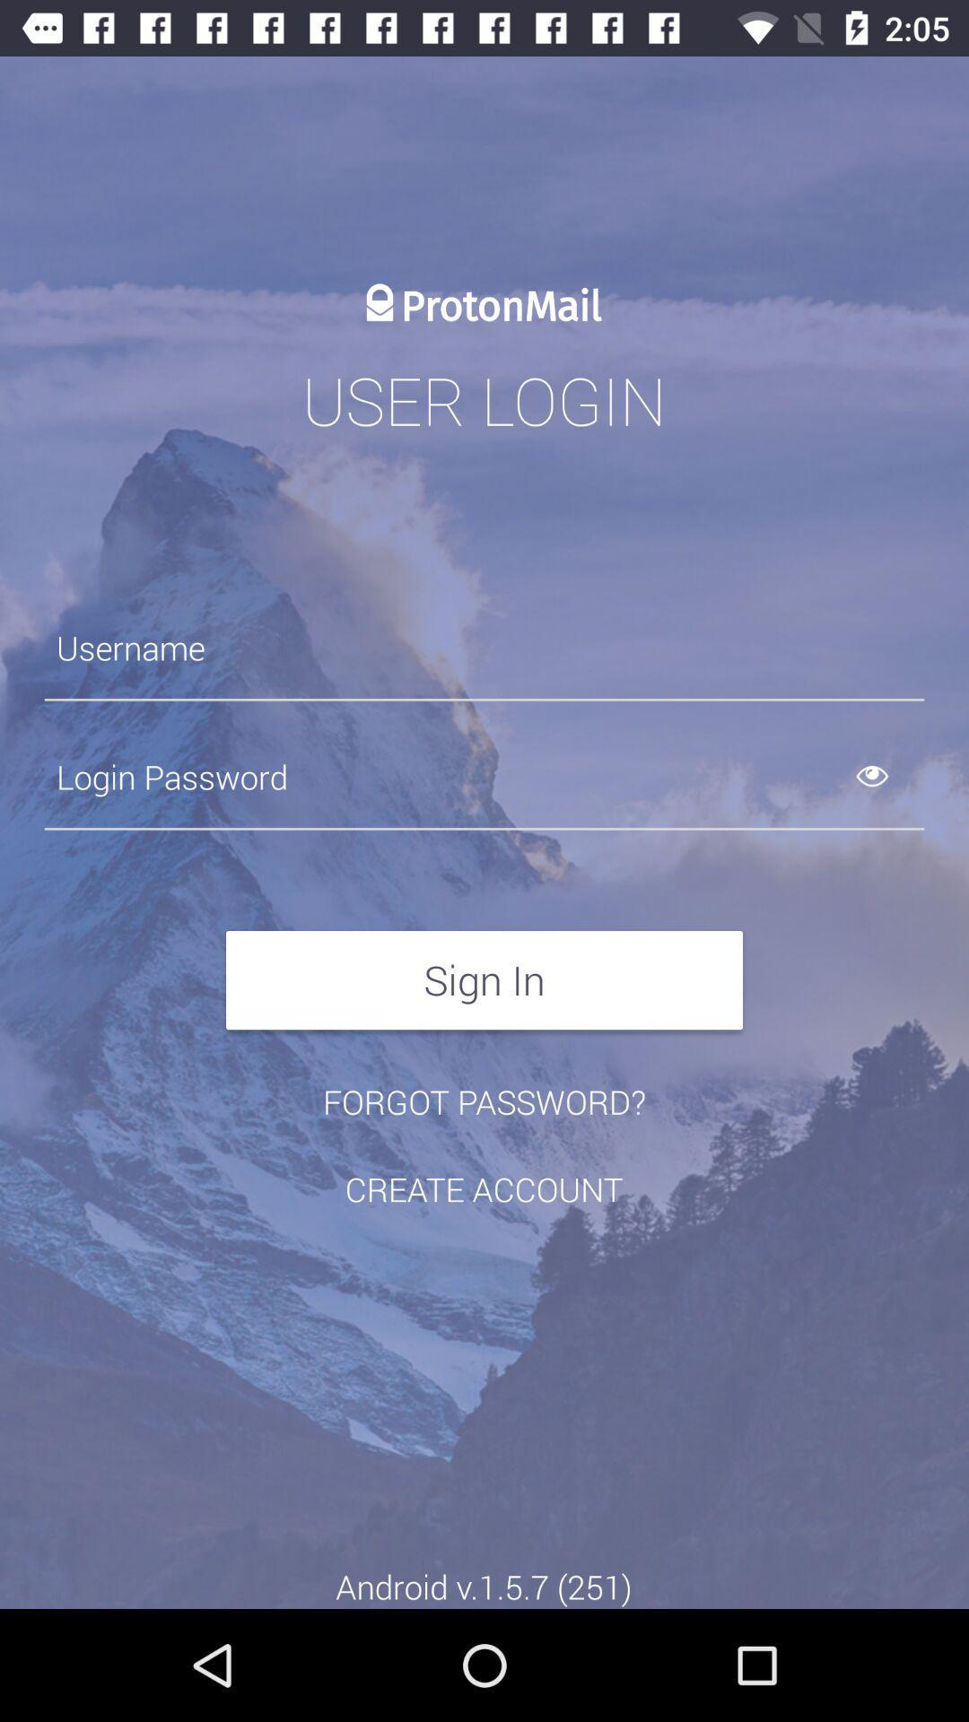  I want to click on icon above create account, so click(484, 1100).